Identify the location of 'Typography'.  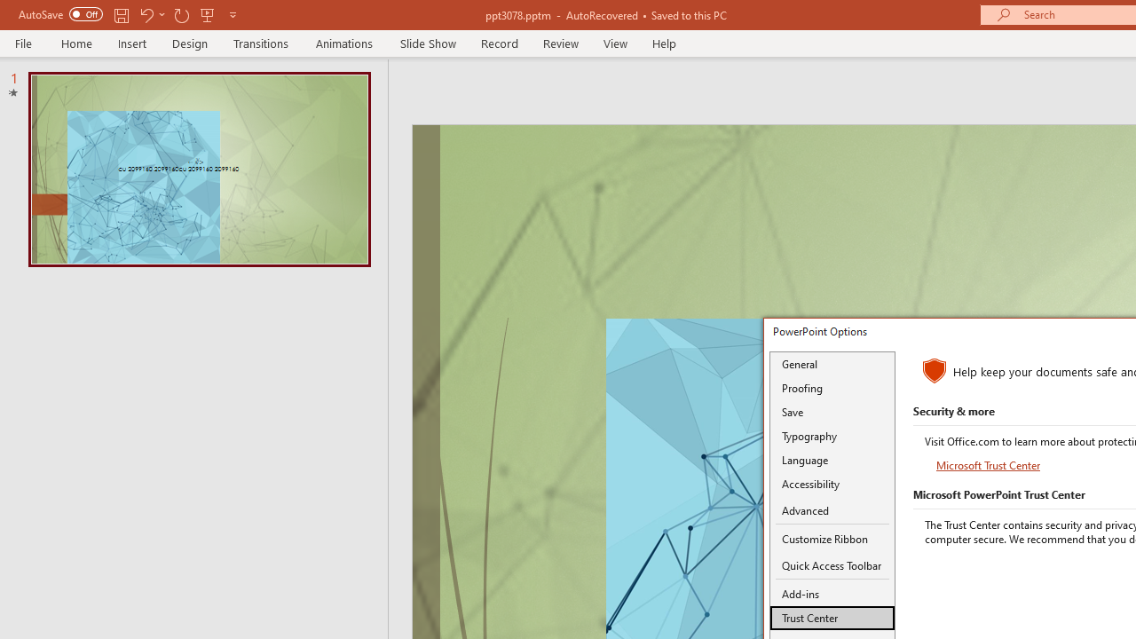
(832, 436).